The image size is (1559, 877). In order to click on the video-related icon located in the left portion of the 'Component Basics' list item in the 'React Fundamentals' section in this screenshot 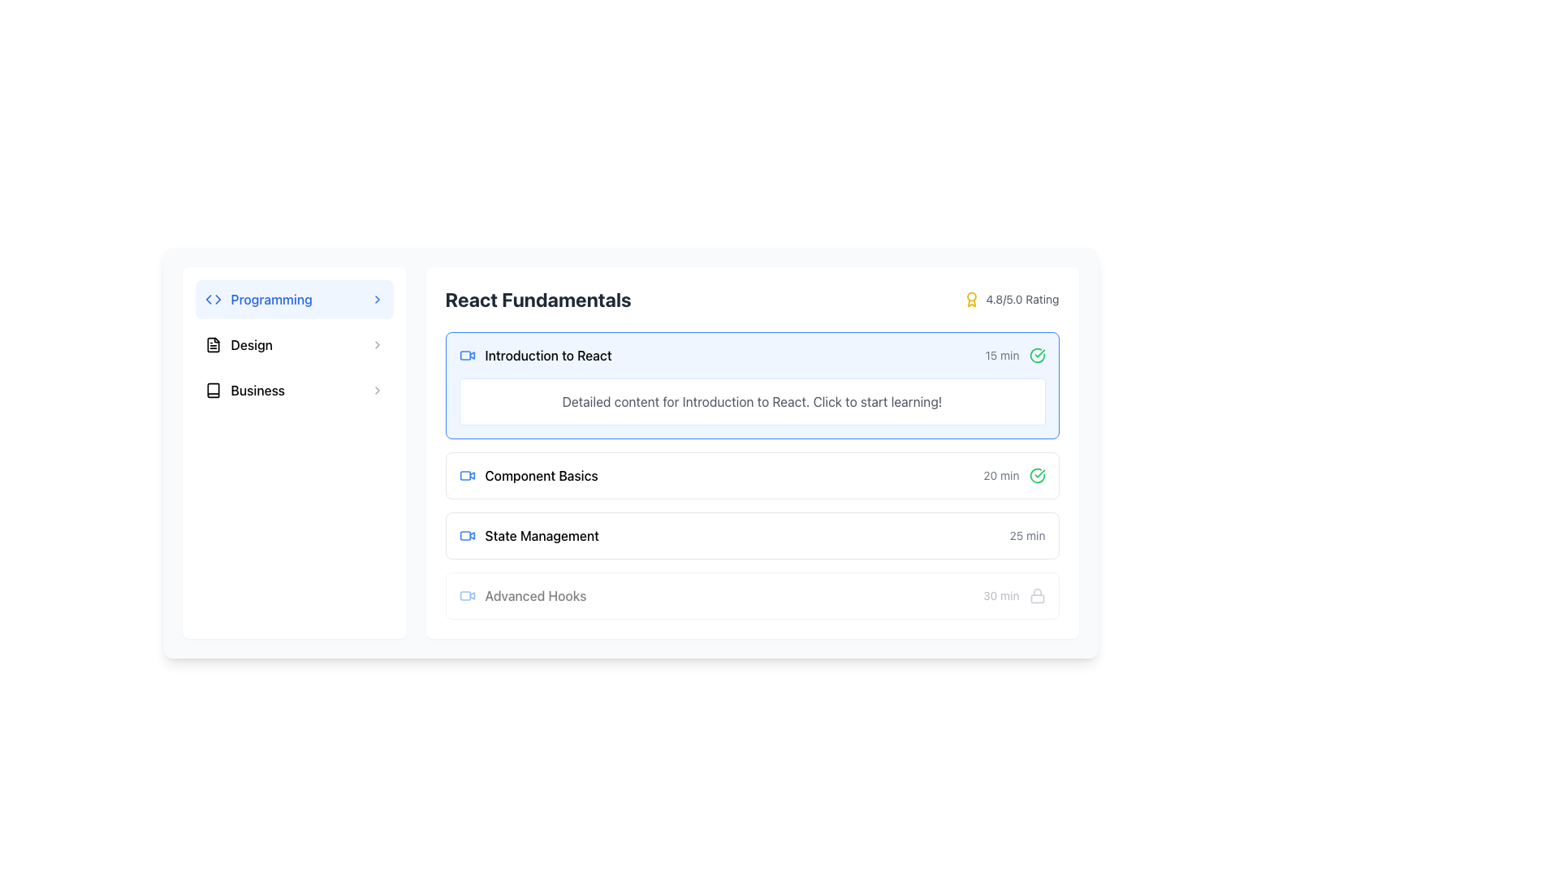, I will do `click(466, 475)`.